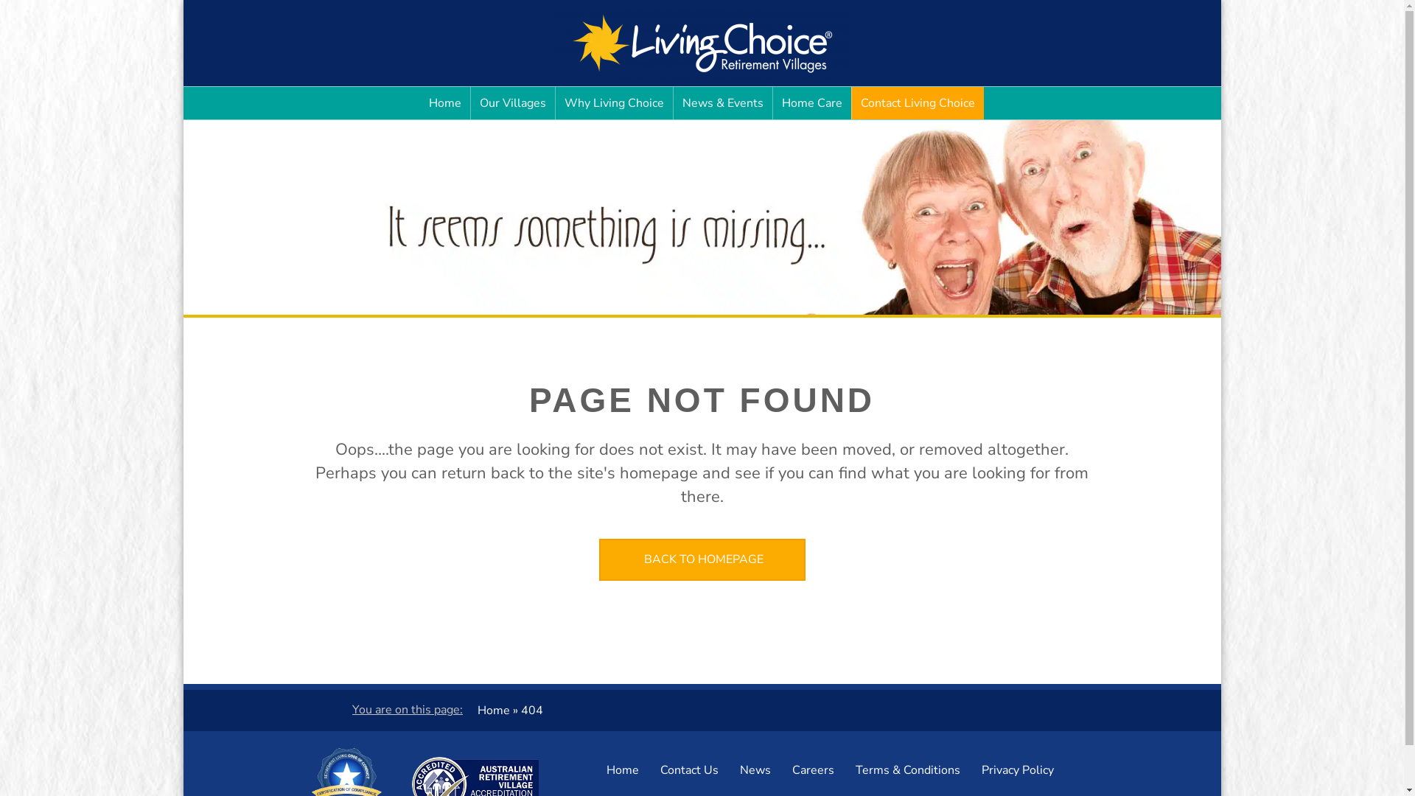 The width and height of the screenshot is (1415, 796). Describe the element at coordinates (780, 769) in the screenshot. I see `'Careers'` at that location.